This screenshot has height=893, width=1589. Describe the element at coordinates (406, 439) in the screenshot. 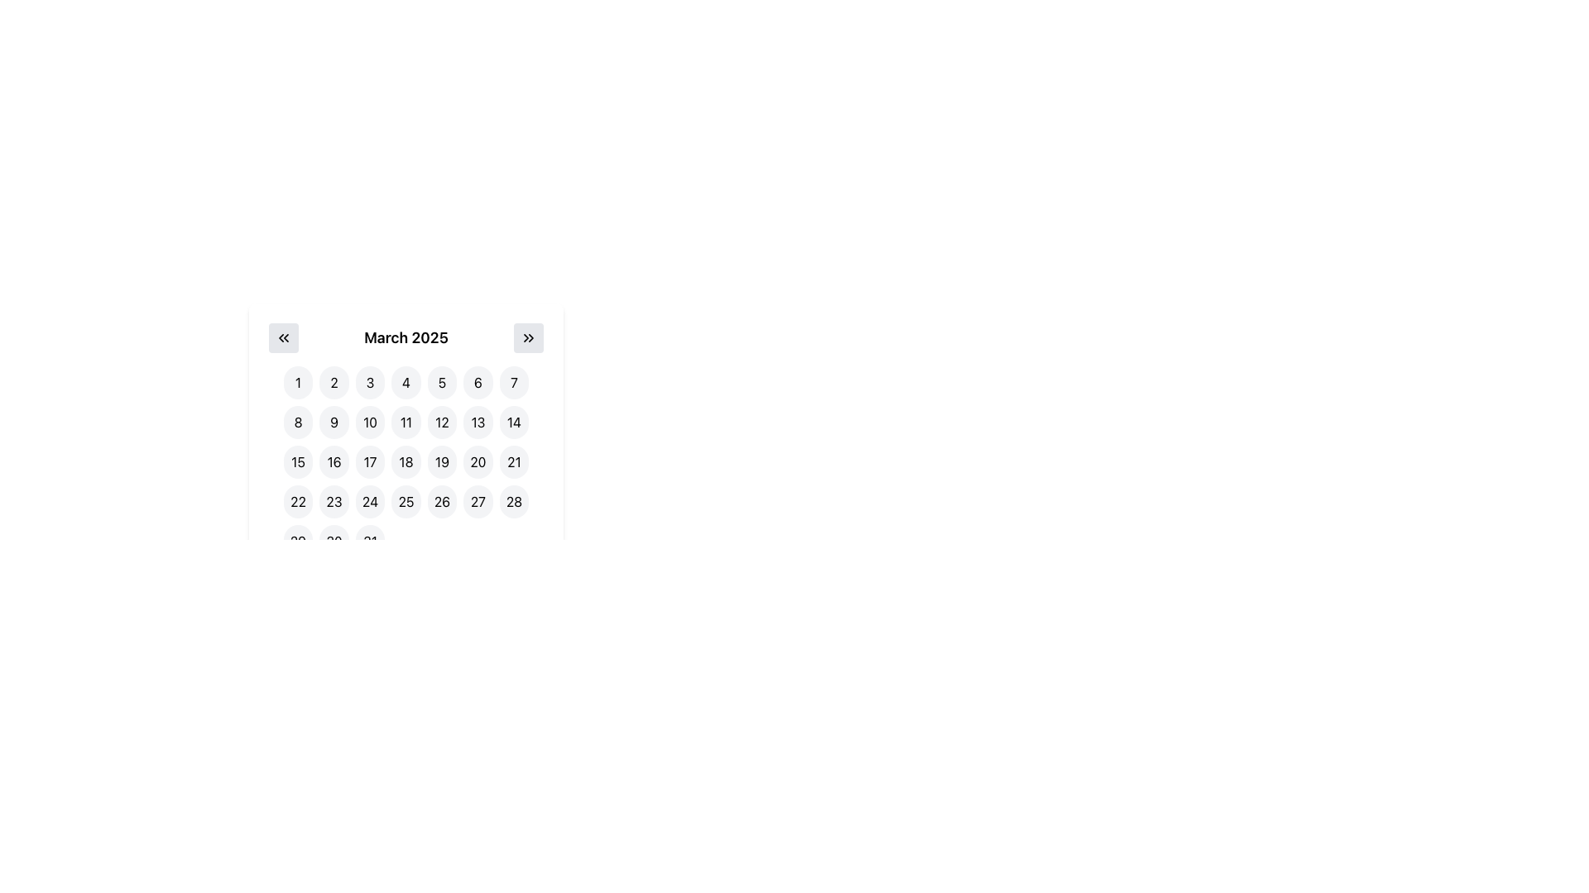

I see `the circular day button in the March 2025 calendar` at that location.